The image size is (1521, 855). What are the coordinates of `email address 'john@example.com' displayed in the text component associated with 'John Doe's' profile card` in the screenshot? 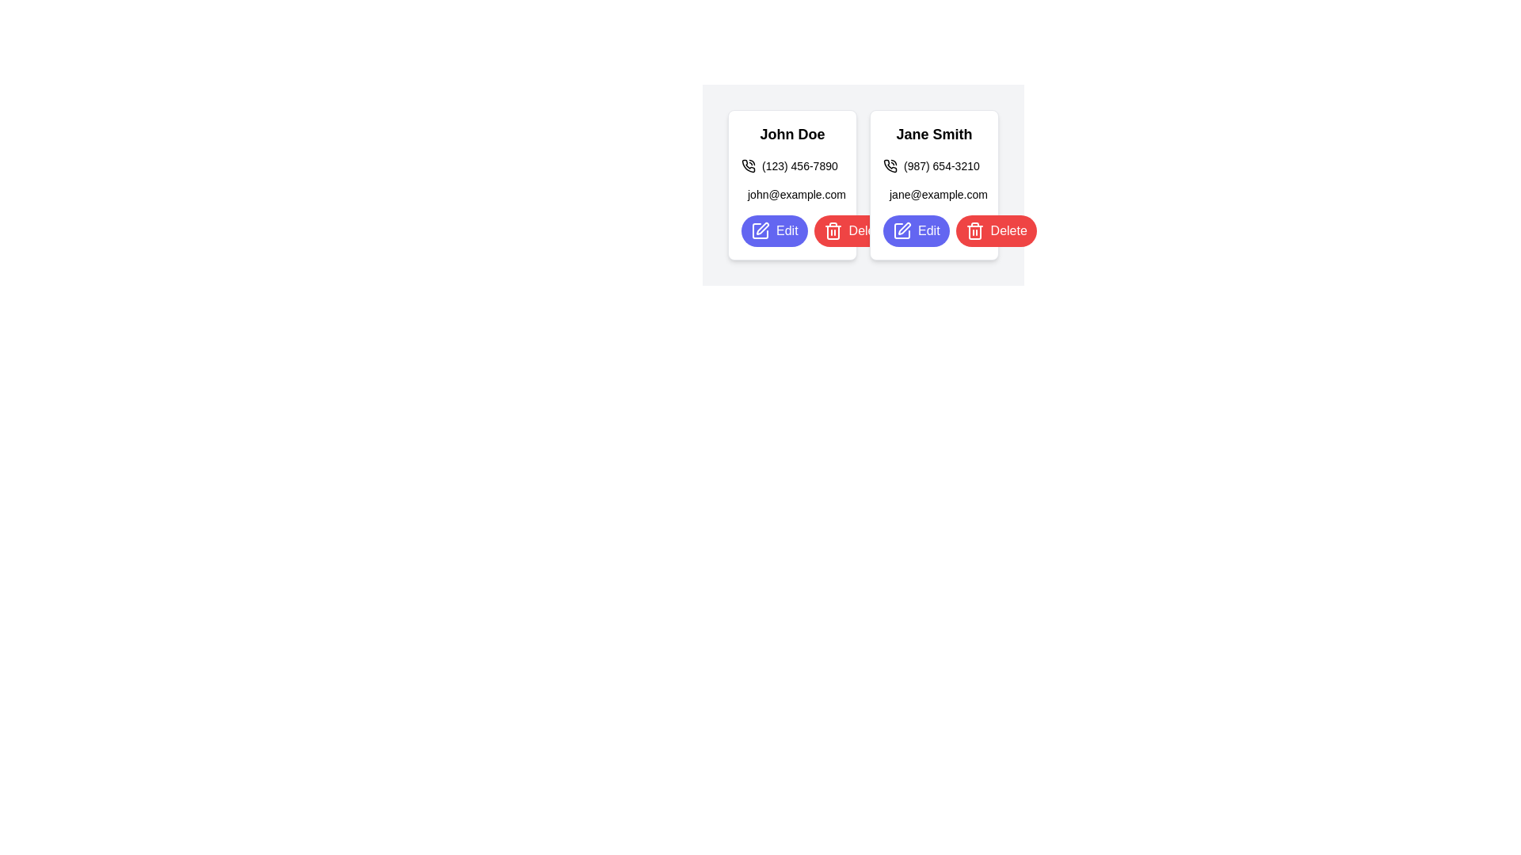 It's located at (792, 194).